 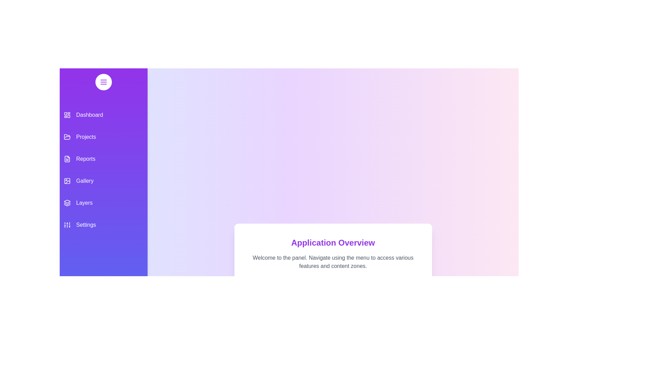 I want to click on the menu item corresponding to Projects, so click(x=103, y=137).